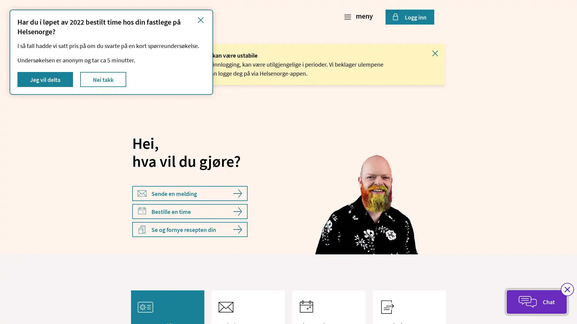 The height and width of the screenshot is (324, 577). I want to click on meny, so click(359, 17).